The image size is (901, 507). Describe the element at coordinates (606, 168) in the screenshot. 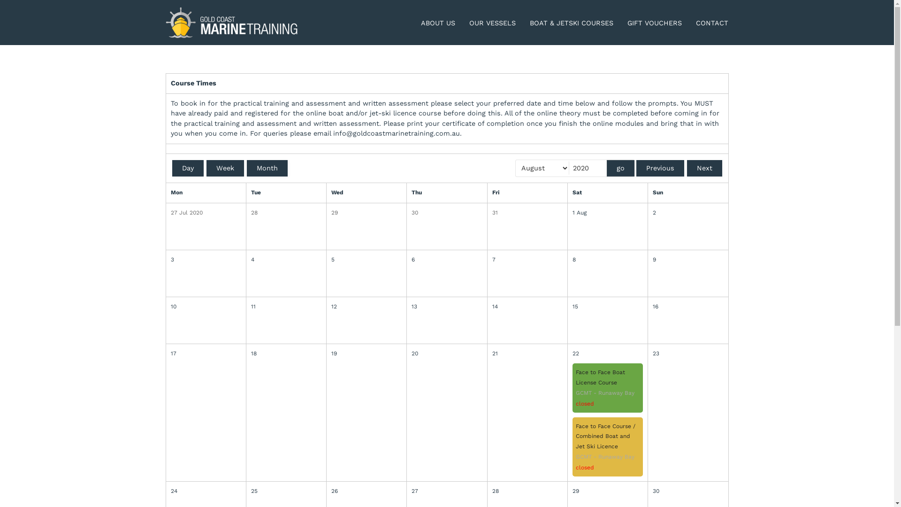

I see `'go'` at that location.